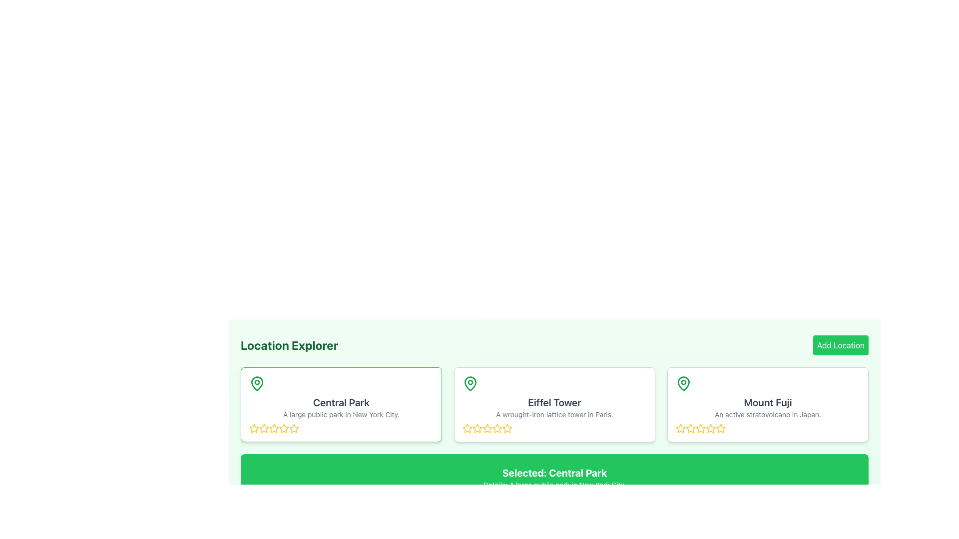  Describe the element at coordinates (683, 383) in the screenshot. I see `the geographic significance icon located in the top left corner of the 'Mount Fuji' card, above the title text 'Mount Fuji'` at that location.